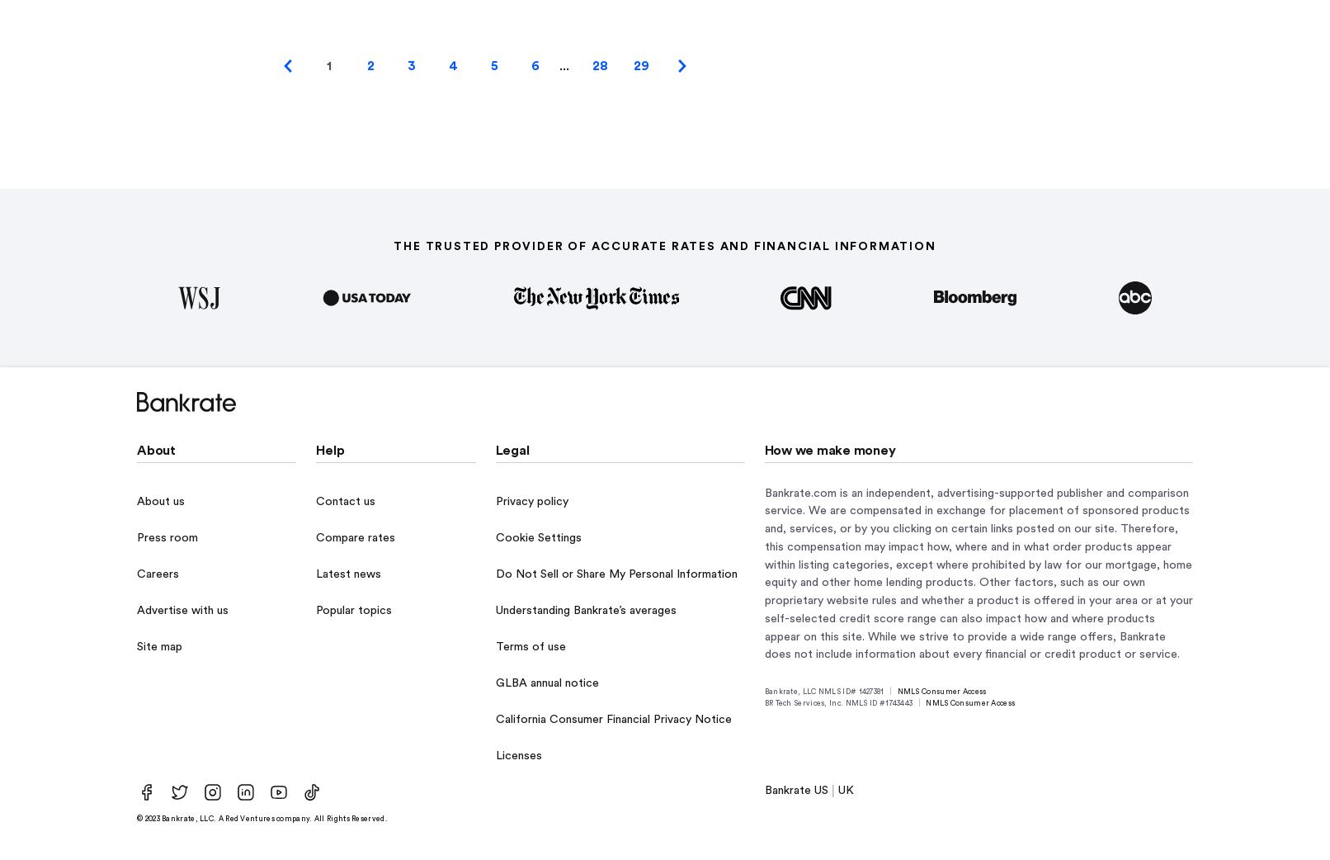 The height and width of the screenshot is (860, 1330). What do you see at coordinates (328, 64) in the screenshot?
I see `'1'` at bounding box center [328, 64].